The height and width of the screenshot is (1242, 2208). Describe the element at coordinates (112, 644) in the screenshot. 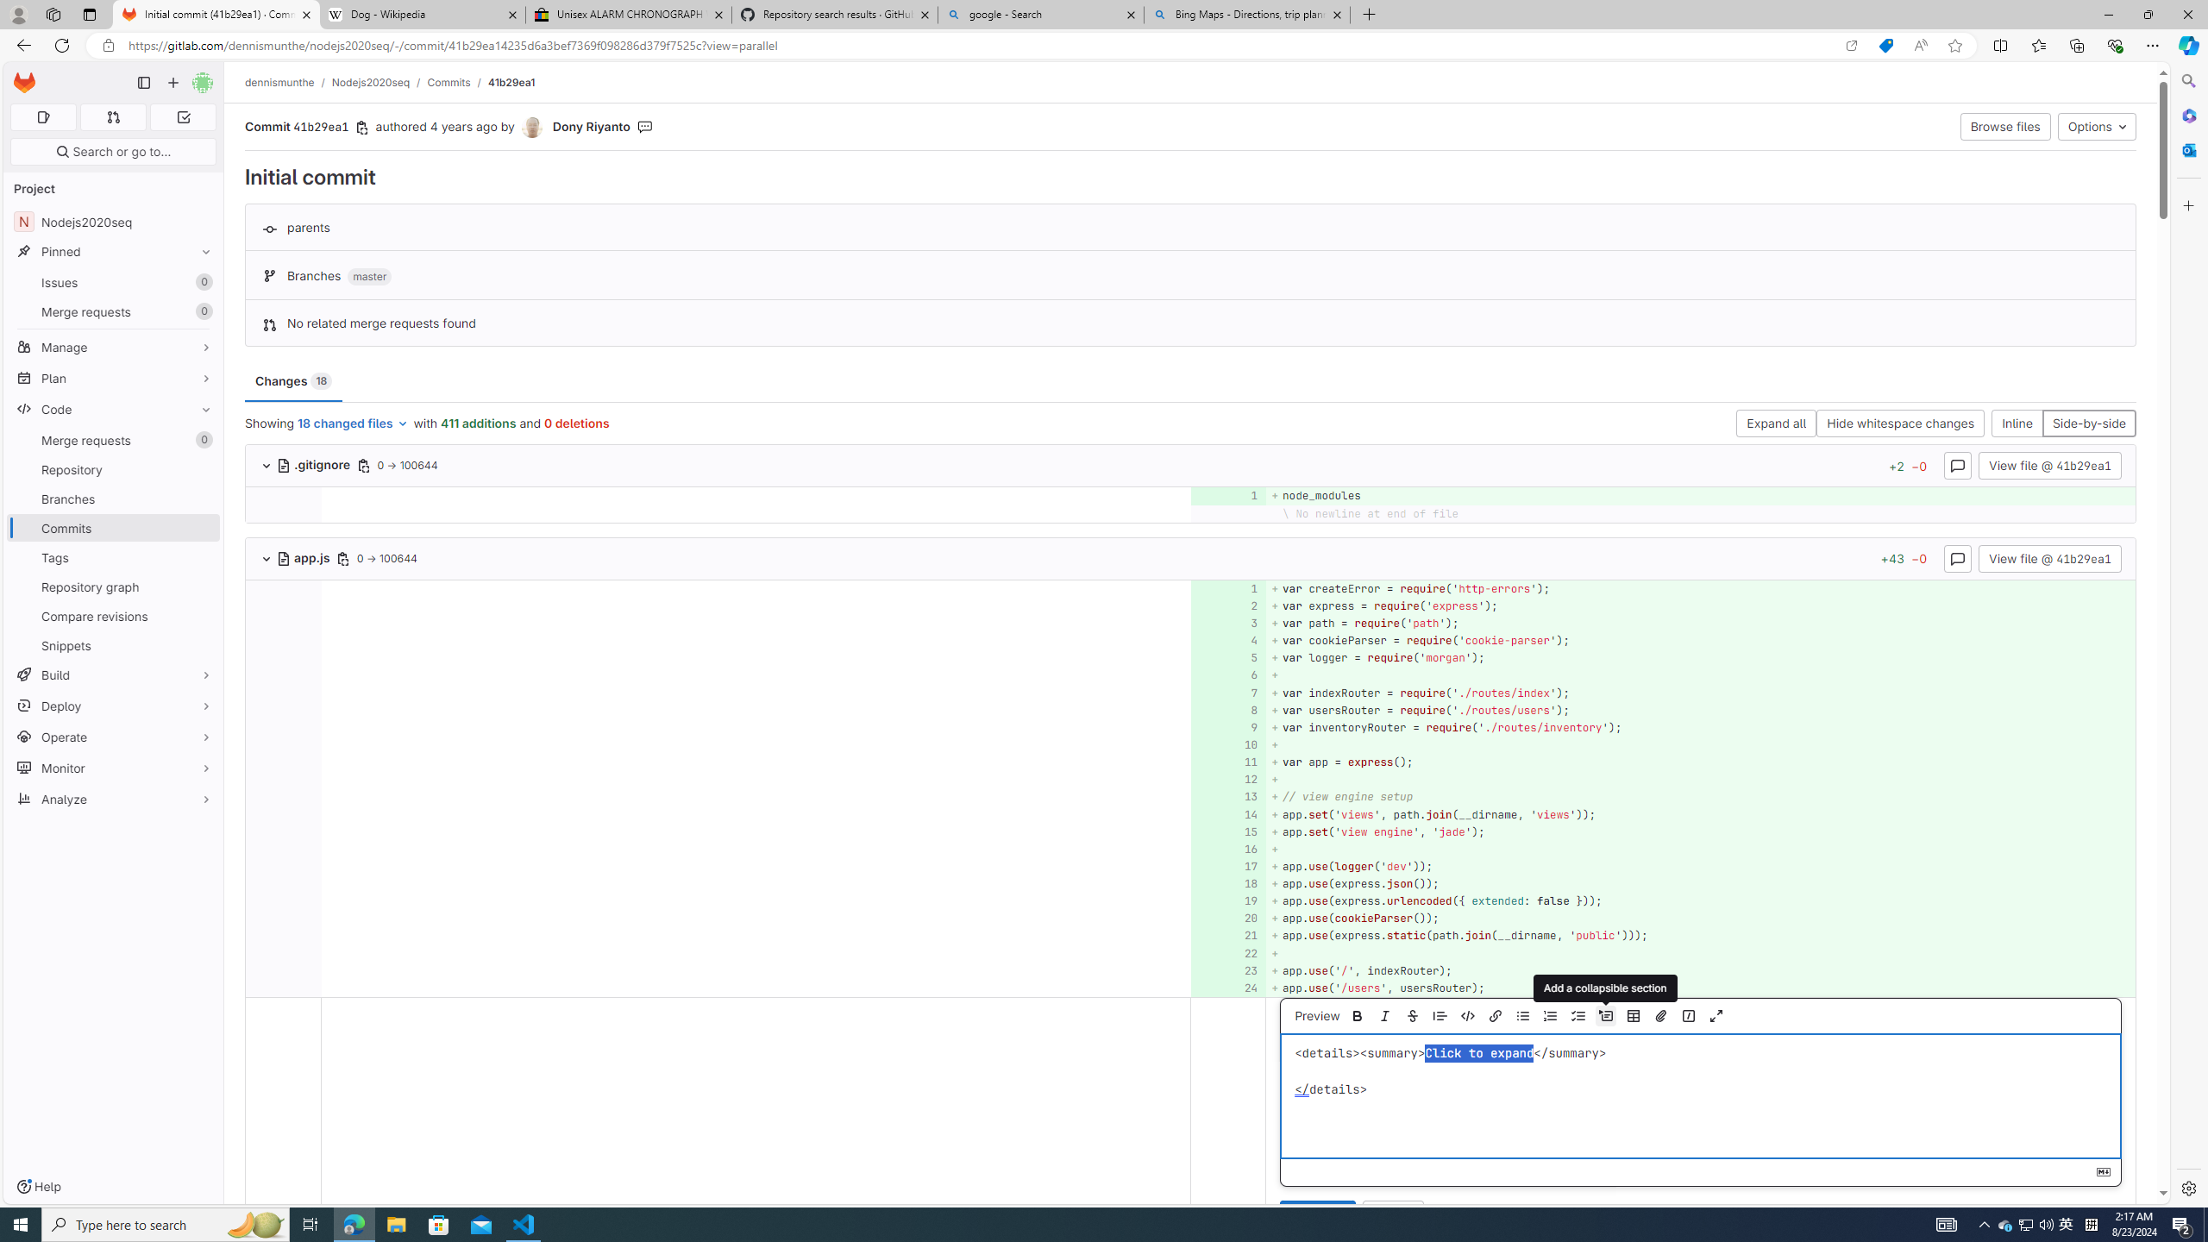

I see `'Snippets'` at that location.